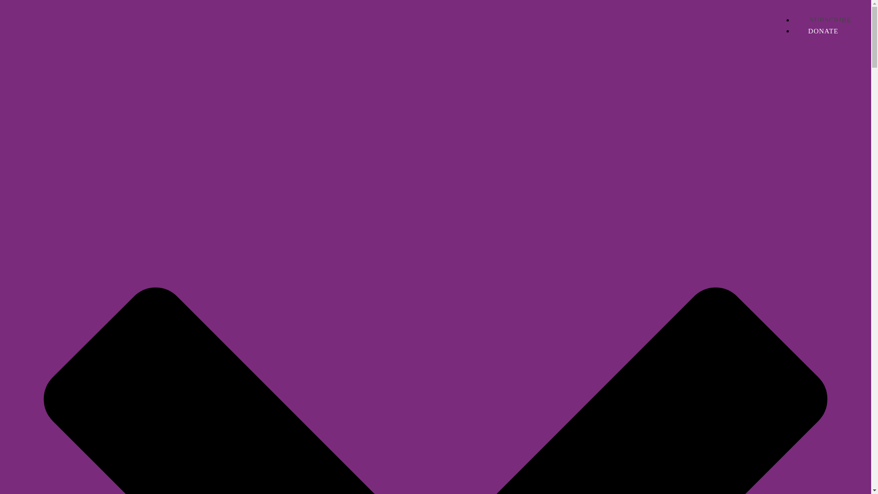 This screenshot has width=878, height=494. What do you see at coordinates (830, 20) in the screenshot?
I see `'SUBSCRIBE'` at bounding box center [830, 20].